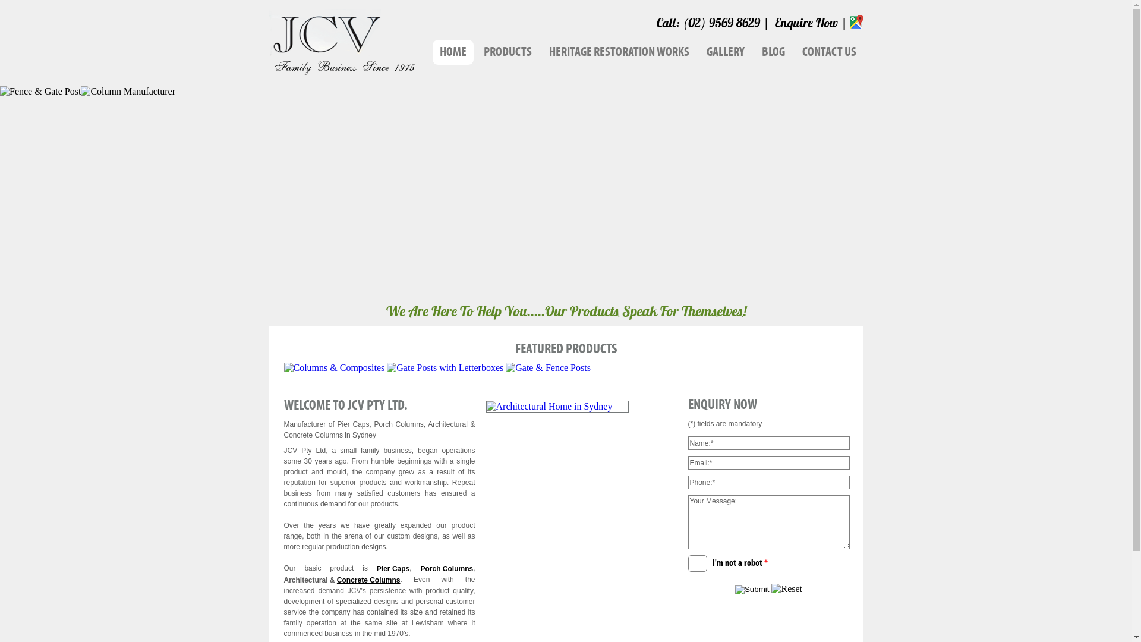 The height and width of the screenshot is (642, 1141). I want to click on 'HERITAGE RESTORATION WORKS', so click(541, 52).